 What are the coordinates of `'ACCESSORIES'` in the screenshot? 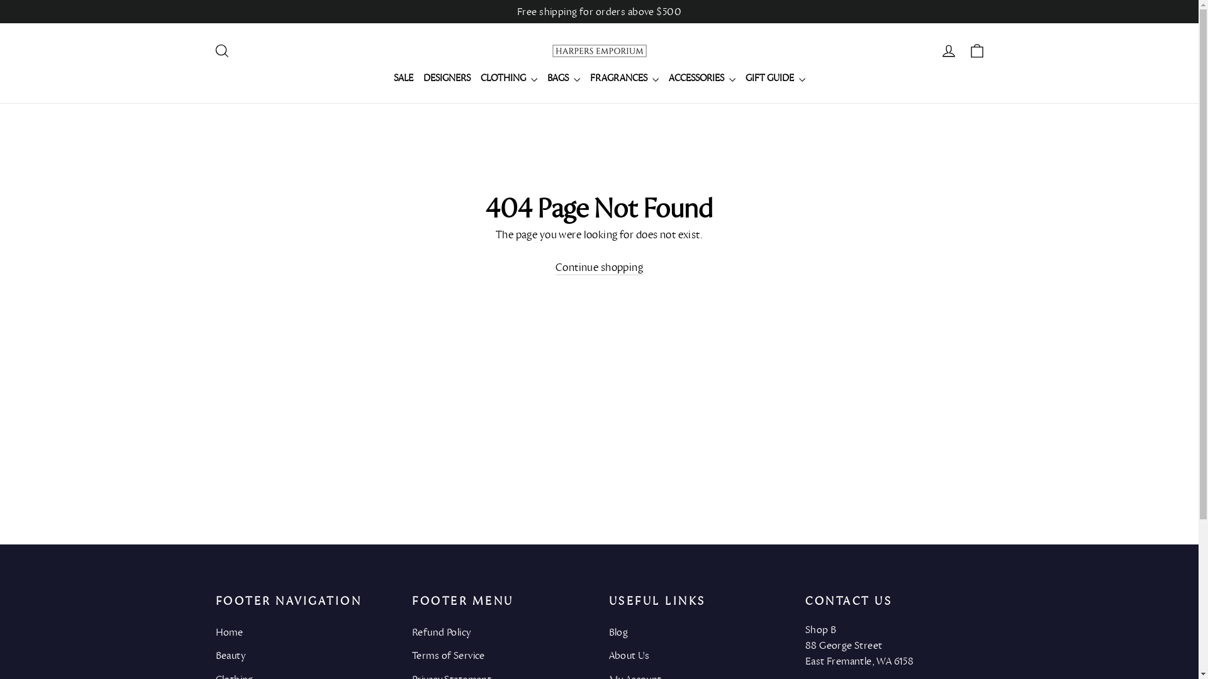 It's located at (700, 78).